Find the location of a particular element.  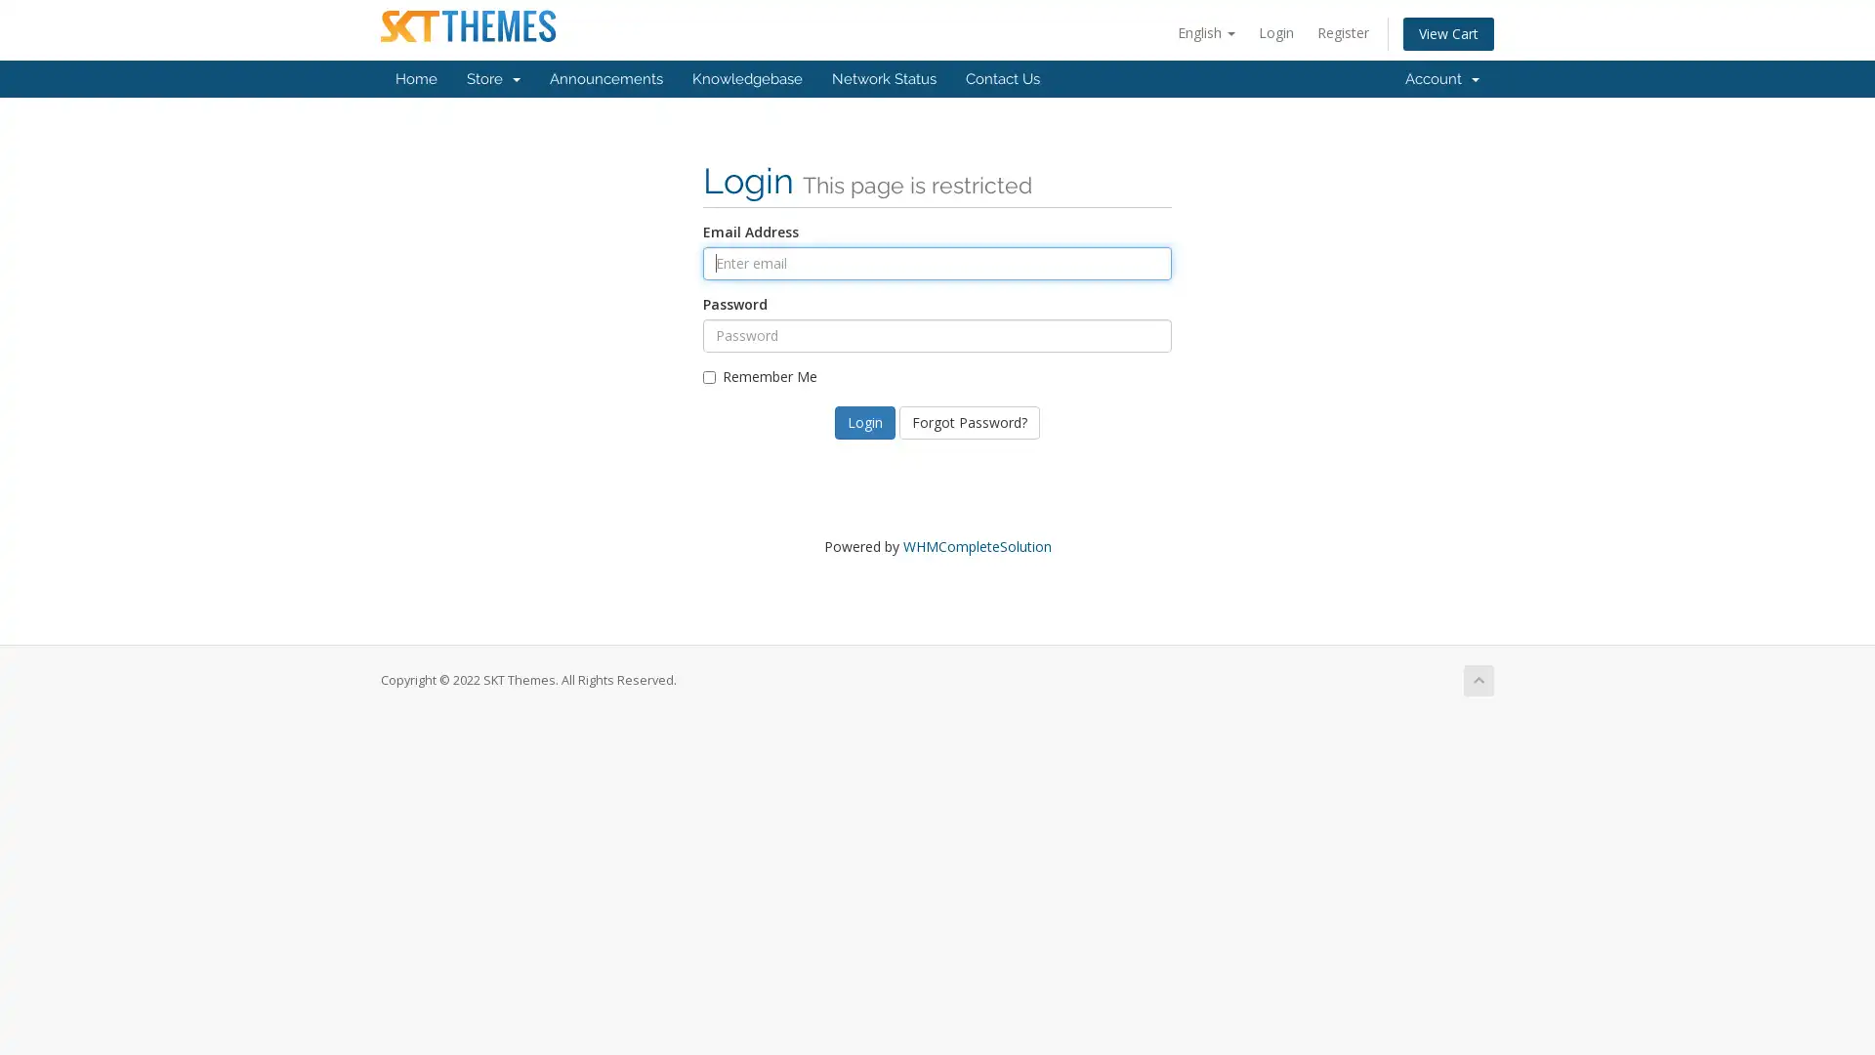

Login is located at coordinates (864, 421).